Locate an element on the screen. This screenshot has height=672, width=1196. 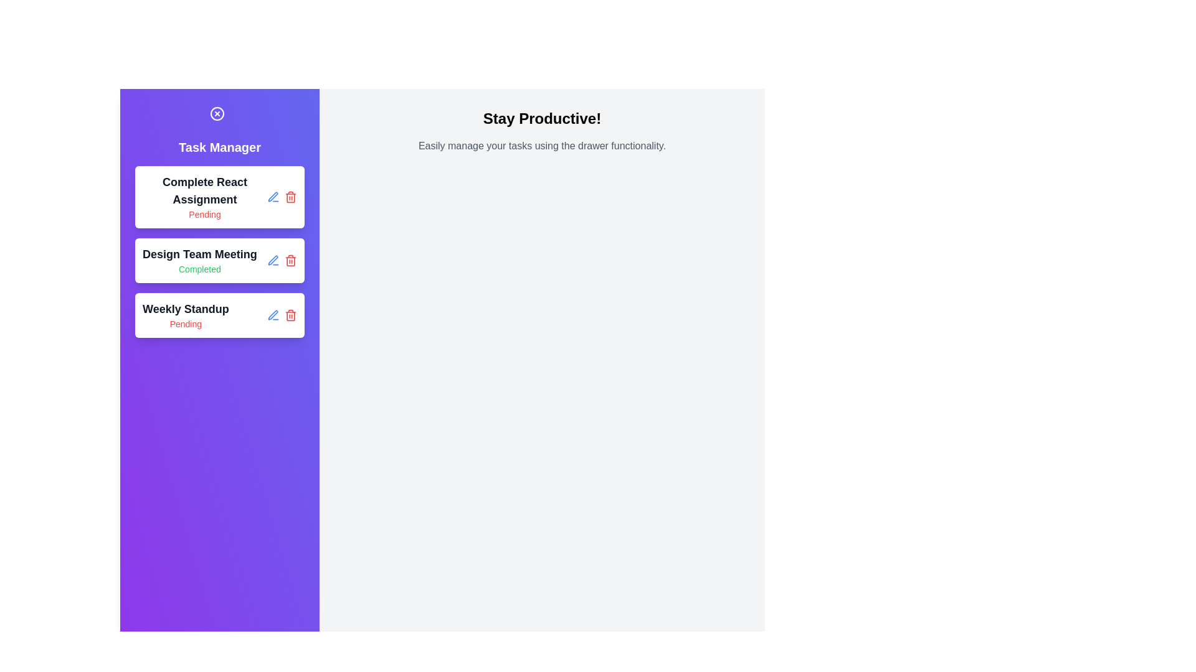
edit button for the task titled Complete React Assignment is located at coordinates (272, 196).